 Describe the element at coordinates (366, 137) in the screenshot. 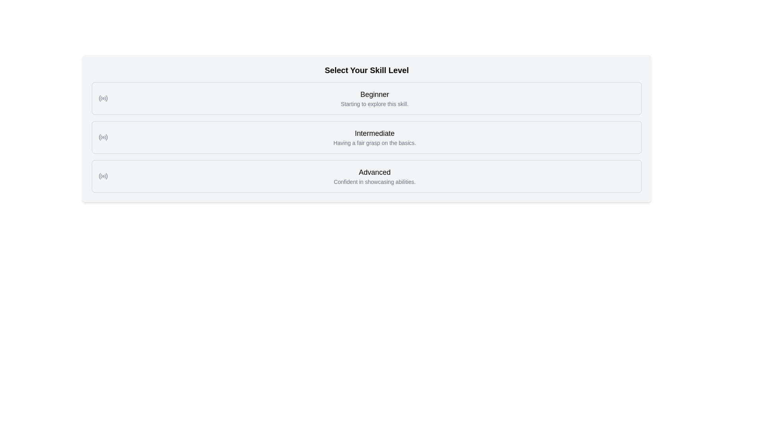

I see `the 'Intermediate' skill level option selector box, which is located between the 'Beginner' and 'Advanced' options` at that location.